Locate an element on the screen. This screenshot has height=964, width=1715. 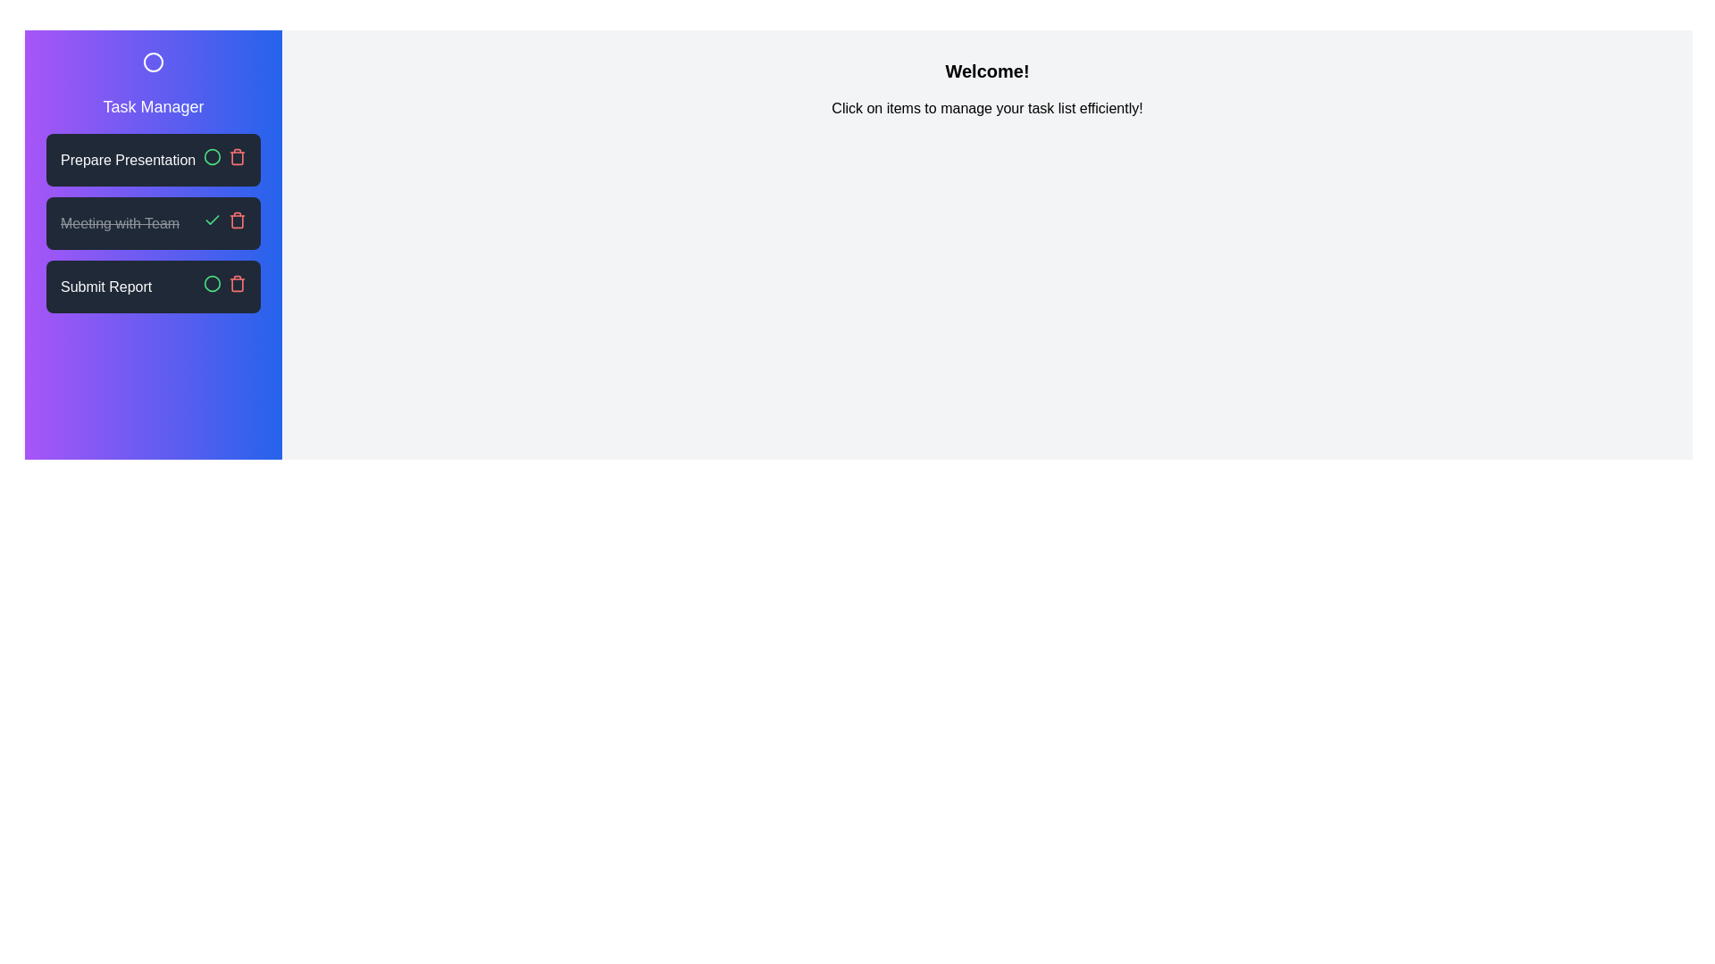
the delete button for the task Prepare Presentation is located at coordinates (236, 156).